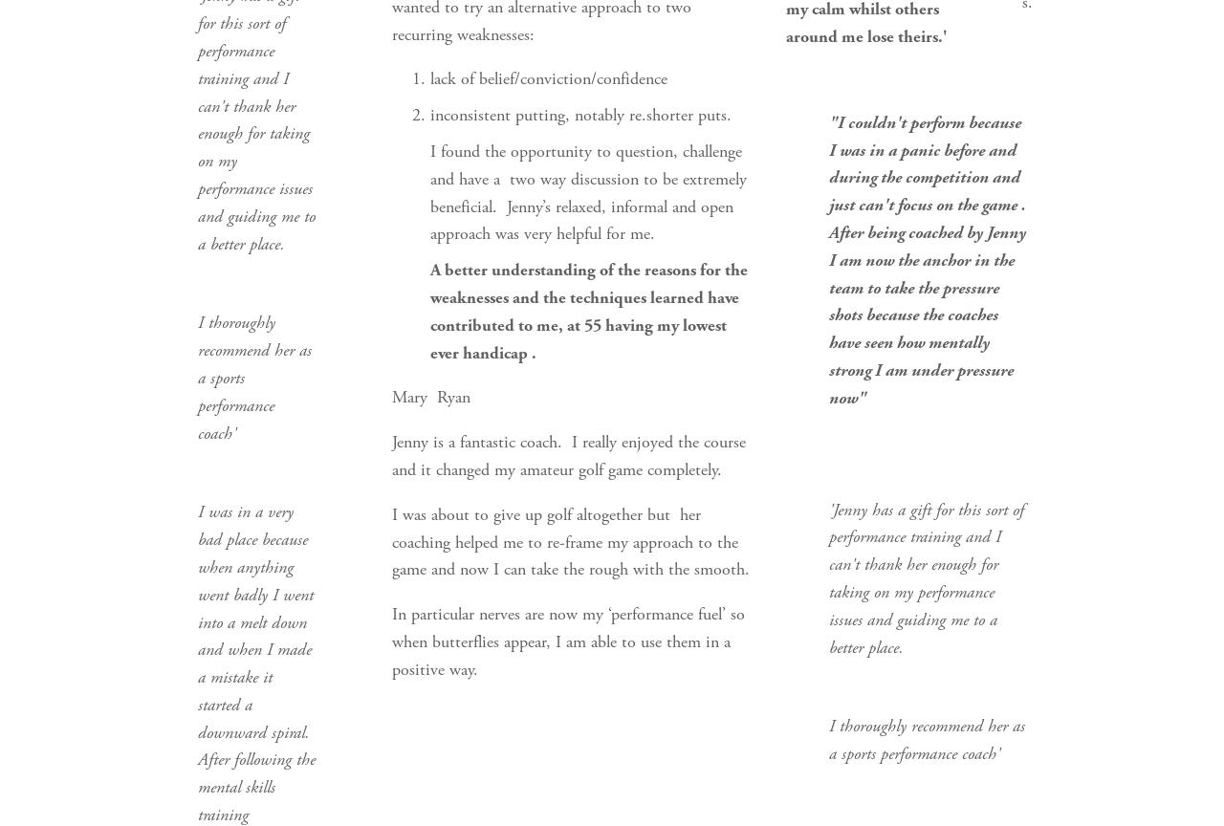 The height and width of the screenshot is (826, 1224). I want to click on 'I found the opportunity to question, challenge and have a  two way discussion to be extremely beneficial.  Jenny’s relaxed, informal and open approach was very helpful for me.', so click(588, 190).